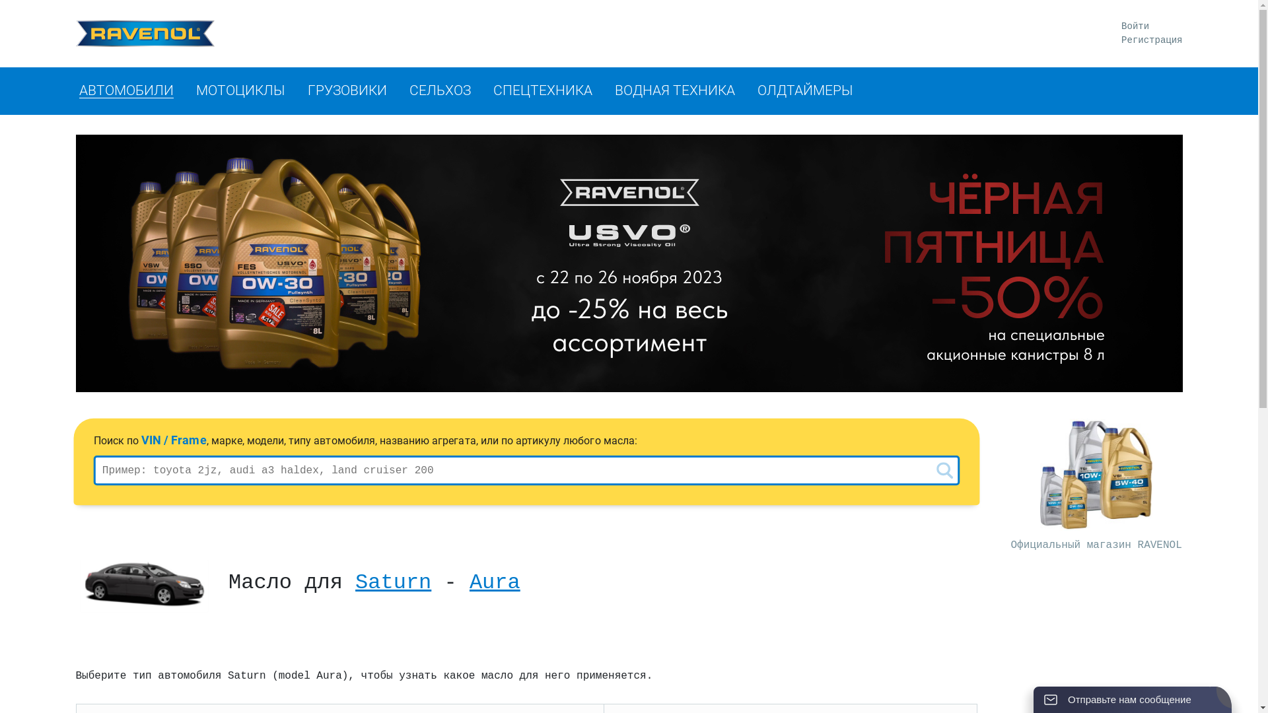 The image size is (1268, 713). What do you see at coordinates (494, 582) in the screenshot?
I see `'Aura'` at bounding box center [494, 582].